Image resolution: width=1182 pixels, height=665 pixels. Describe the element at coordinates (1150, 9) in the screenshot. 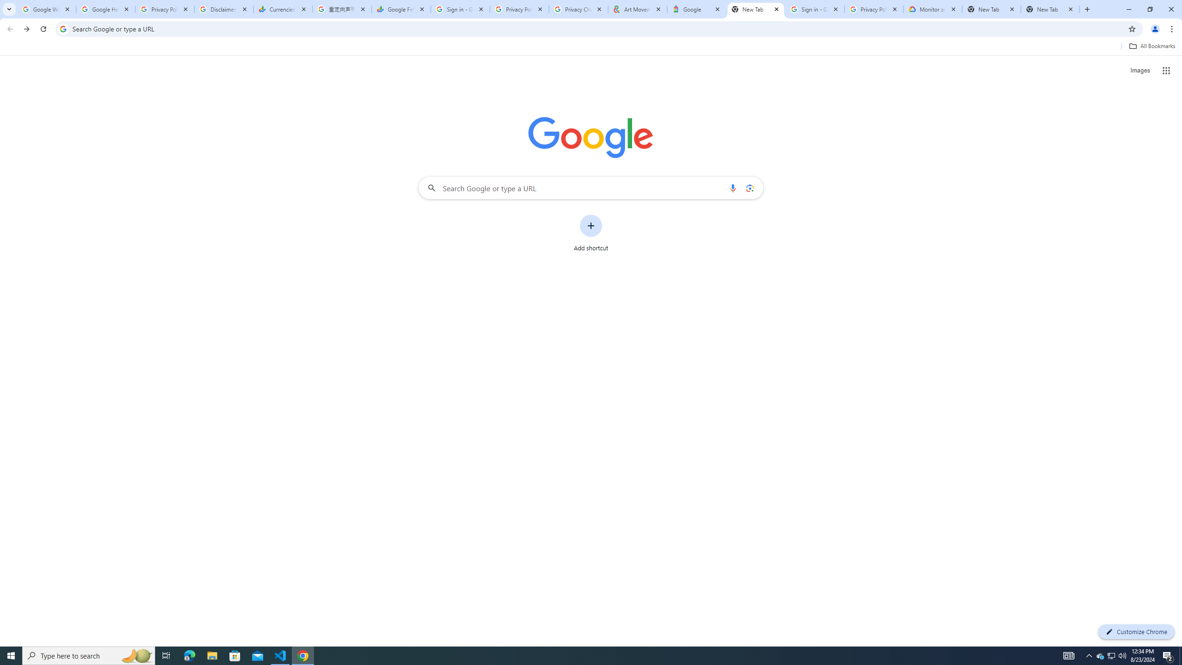

I see `'Restore'` at that location.